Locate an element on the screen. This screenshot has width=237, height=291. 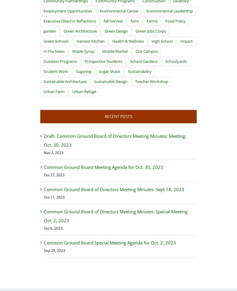
'Teacher Workshop' is located at coordinates (151, 81).